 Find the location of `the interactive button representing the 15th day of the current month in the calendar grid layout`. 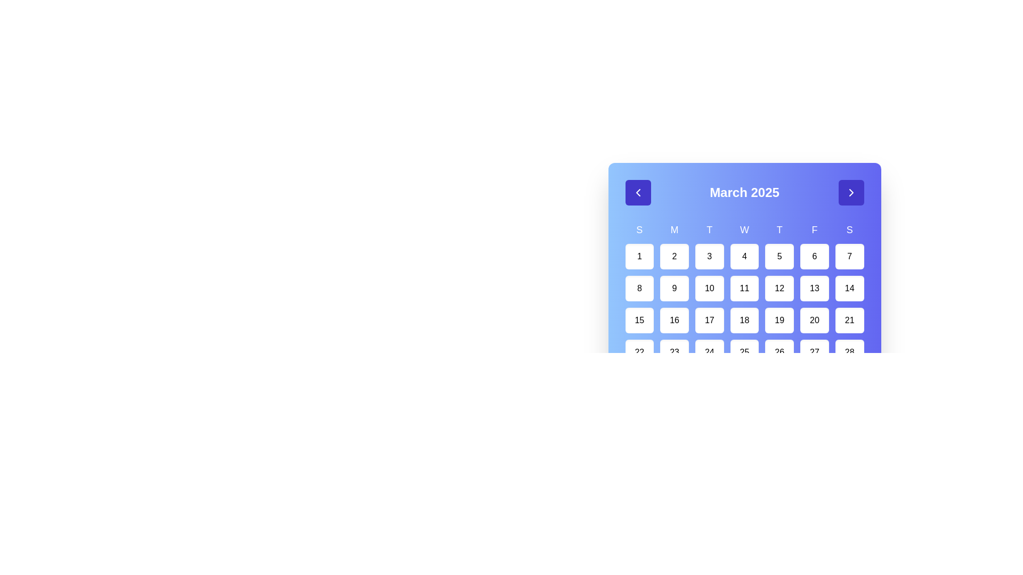

the interactive button representing the 15th day of the current month in the calendar grid layout is located at coordinates (639, 319).